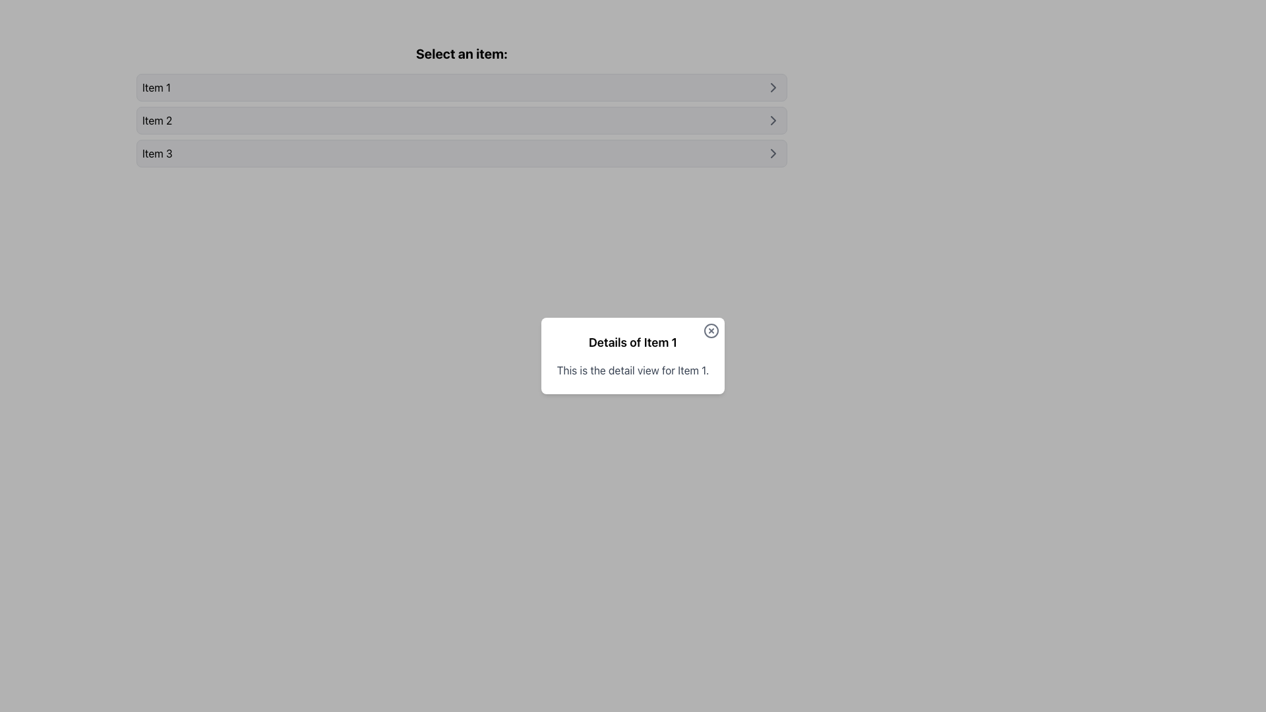 Image resolution: width=1266 pixels, height=712 pixels. I want to click on the small circular button with an 'X' icon located at the top-right corner of the modal window titled 'Details of Item 1' to change its color, so click(711, 330).